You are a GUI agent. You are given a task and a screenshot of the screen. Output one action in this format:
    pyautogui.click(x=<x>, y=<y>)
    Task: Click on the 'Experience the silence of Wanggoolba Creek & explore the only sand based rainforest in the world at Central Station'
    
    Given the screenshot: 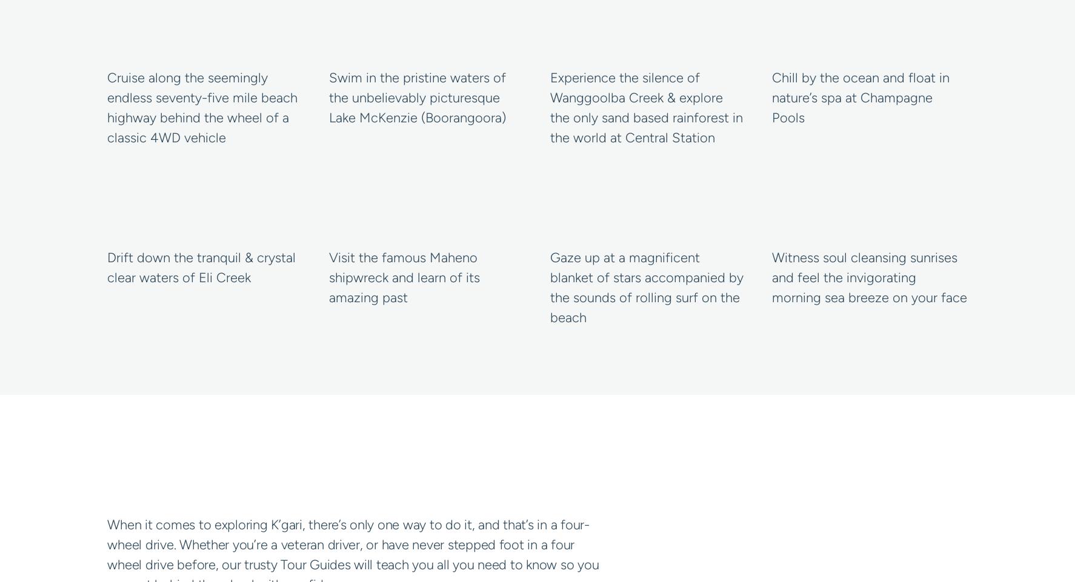 What is the action you would take?
    pyautogui.click(x=549, y=107)
    